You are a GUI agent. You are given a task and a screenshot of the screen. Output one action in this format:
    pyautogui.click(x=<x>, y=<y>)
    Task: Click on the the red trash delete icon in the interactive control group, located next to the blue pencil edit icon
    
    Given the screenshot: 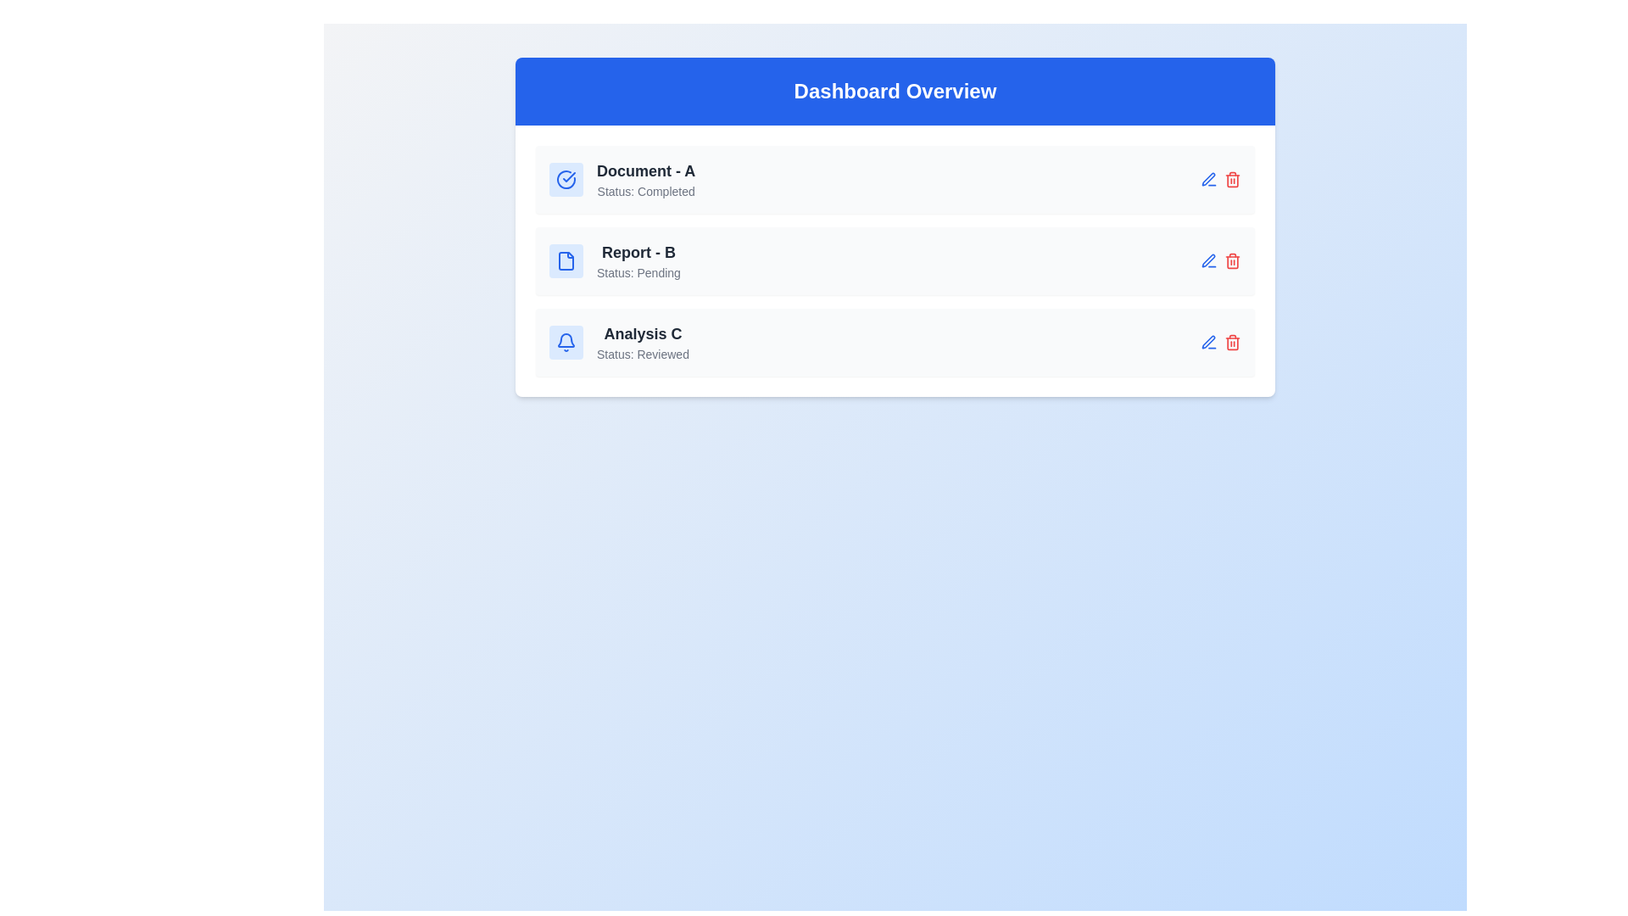 What is the action you would take?
    pyautogui.click(x=1221, y=343)
    